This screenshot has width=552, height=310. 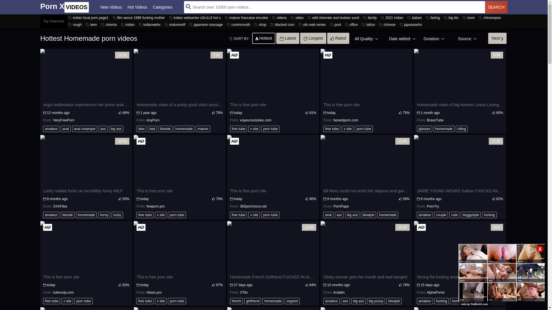 I want to click on 'tuberudy.com', so click(x=53, y=292).